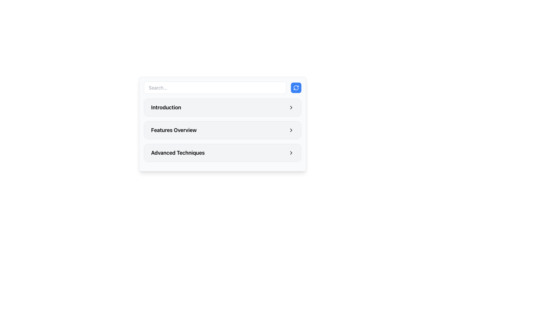  I want to click on the small rightward-pointing arrow icon located at the rightmost position within the horizontal layout of the 'Advanced Techniques' entry, so click(291, 152).